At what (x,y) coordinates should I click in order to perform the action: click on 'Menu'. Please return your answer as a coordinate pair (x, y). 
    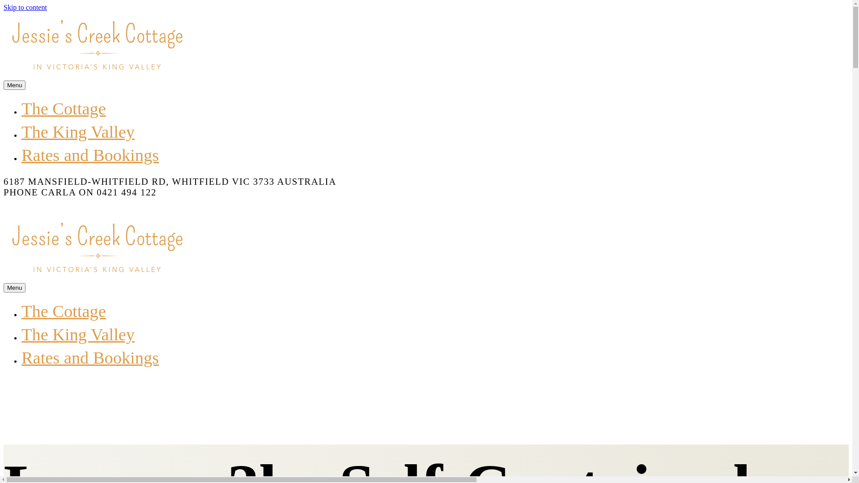
    Looking at the image, I should click on (14, 85).